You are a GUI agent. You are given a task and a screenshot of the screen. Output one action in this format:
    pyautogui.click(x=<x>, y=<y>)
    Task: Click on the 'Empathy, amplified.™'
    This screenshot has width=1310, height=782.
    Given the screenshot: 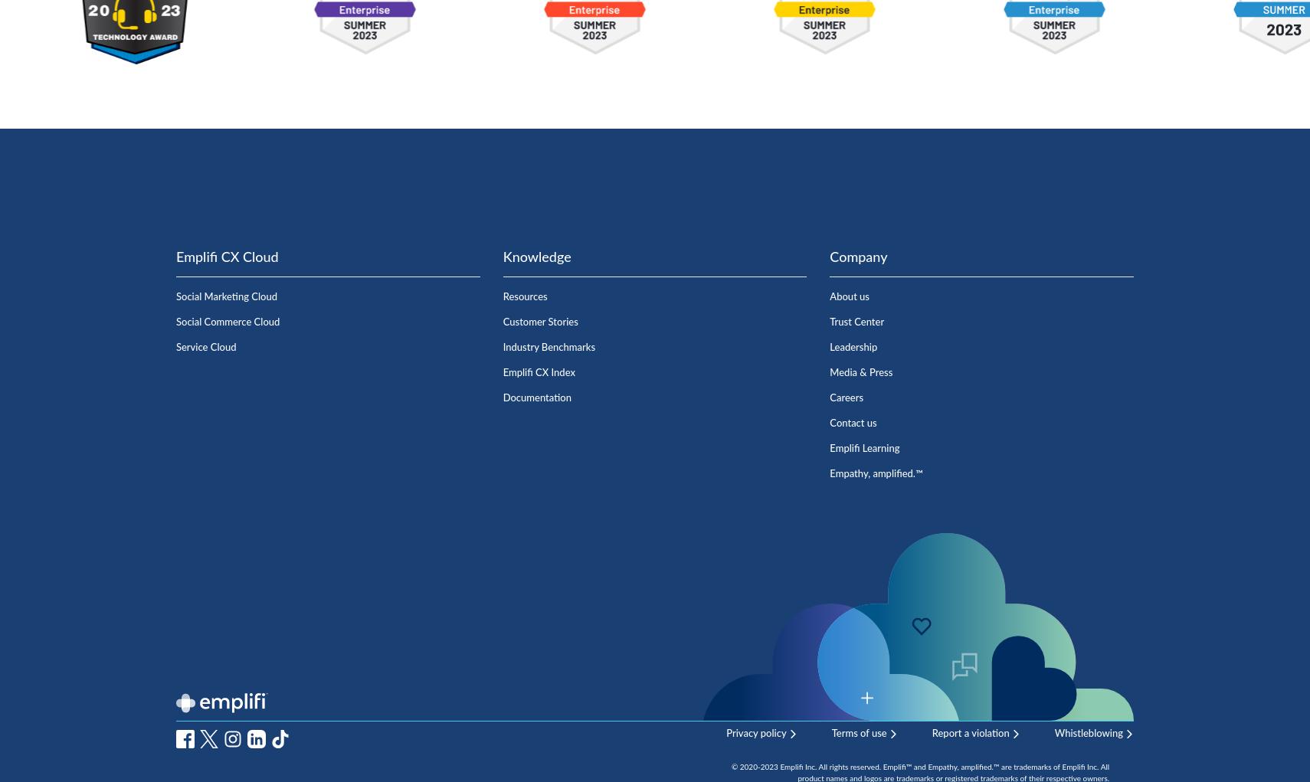 What is the action you would take?
    pyautogui.click(x=875, y=473)
    